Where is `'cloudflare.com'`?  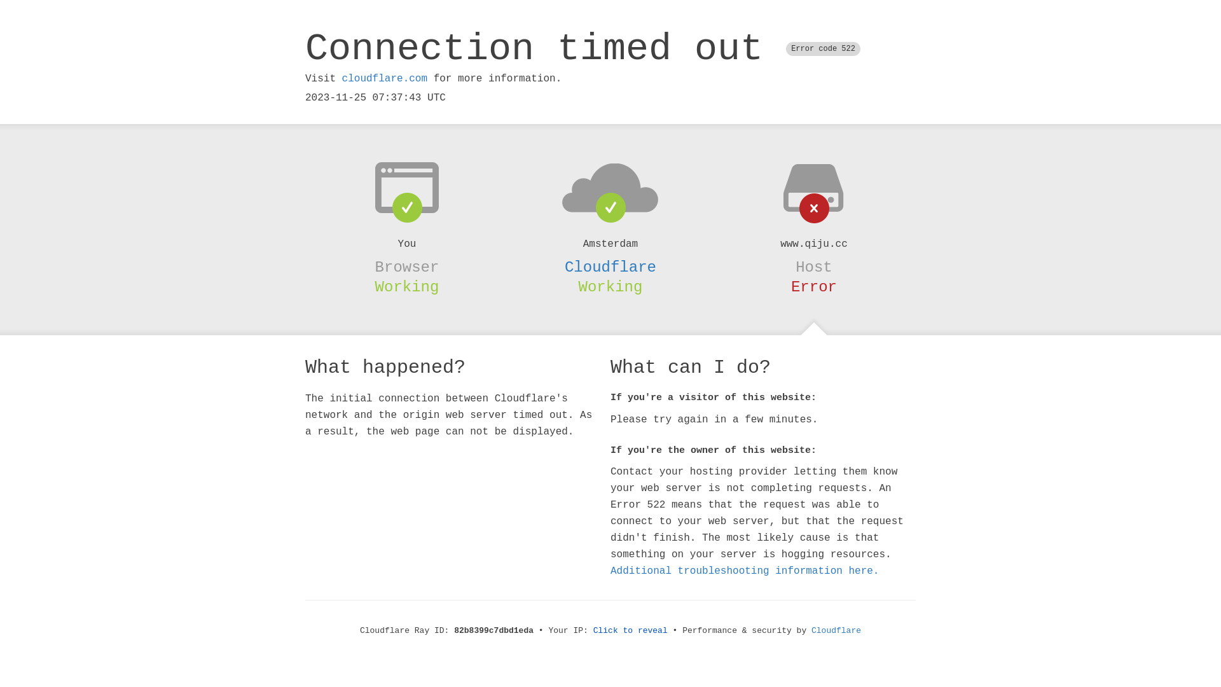
'cloudflare.com' is located at coordinates (341, 78).